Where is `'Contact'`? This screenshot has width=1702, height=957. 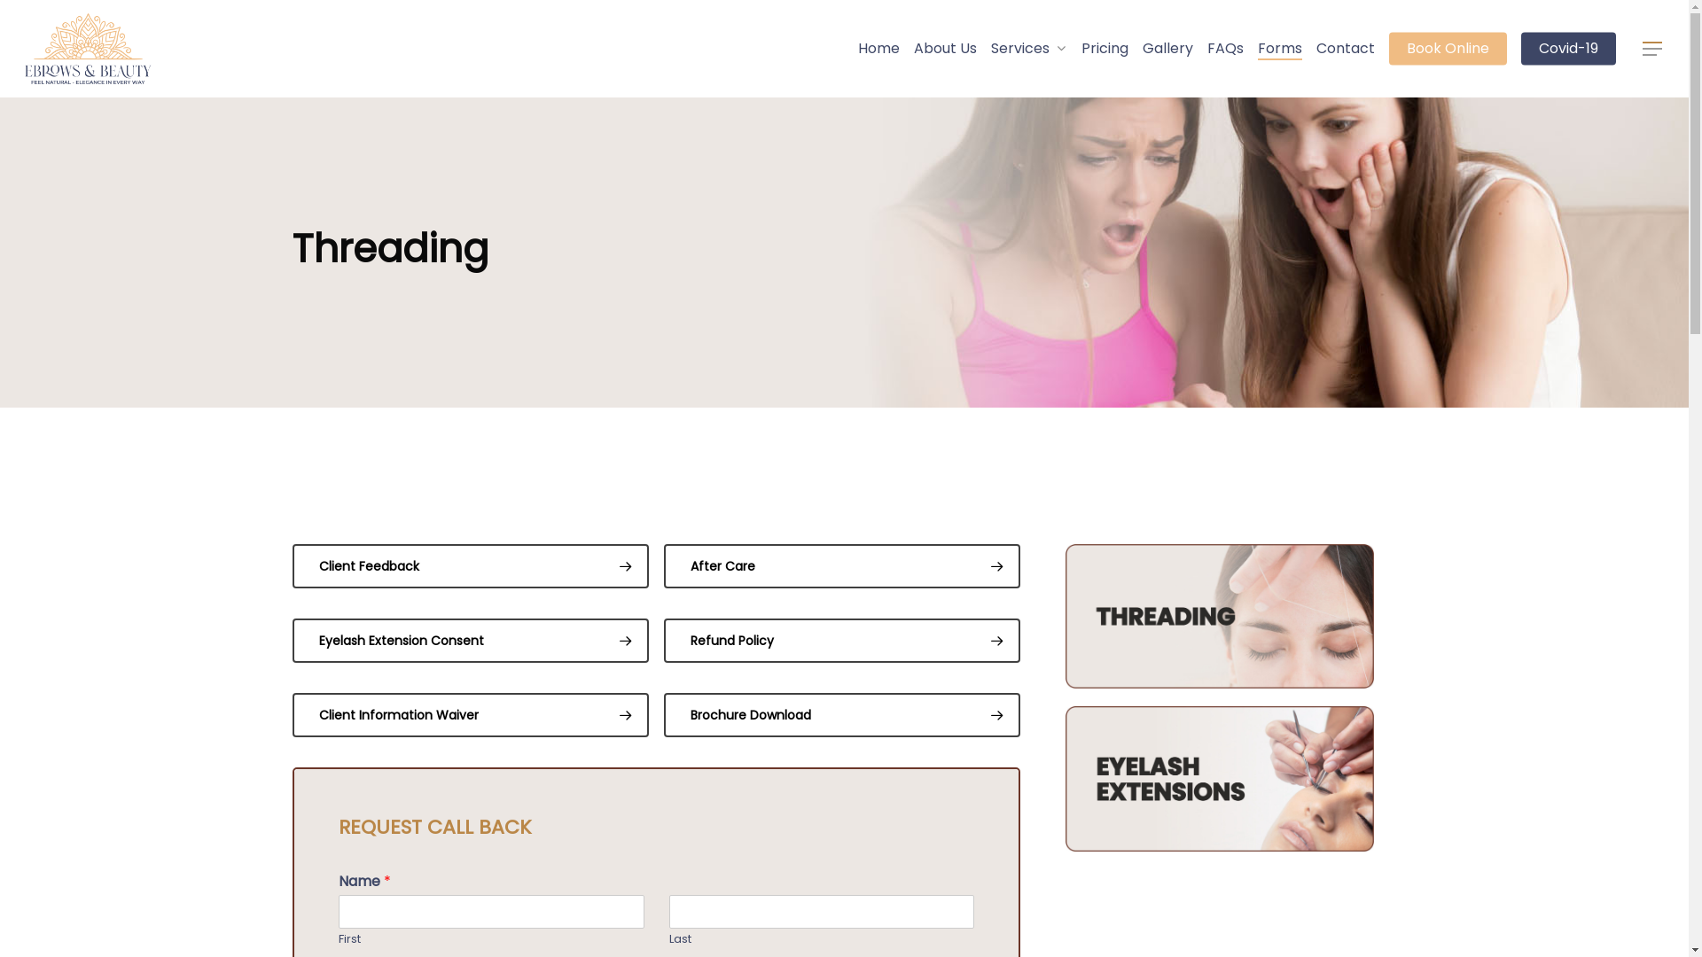
'Contact' is located at coordinates (1316, 47).